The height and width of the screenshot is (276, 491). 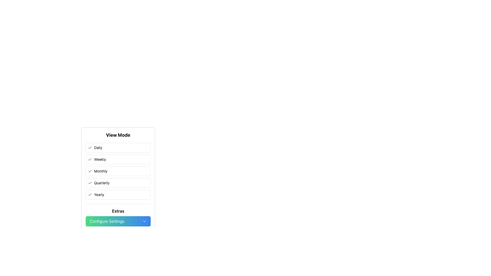 I want to click on the 'Daily' text label which is positioned to the right of the checkbox in the topmost option of the 'View Mode' section, so click(x=98, y=148).